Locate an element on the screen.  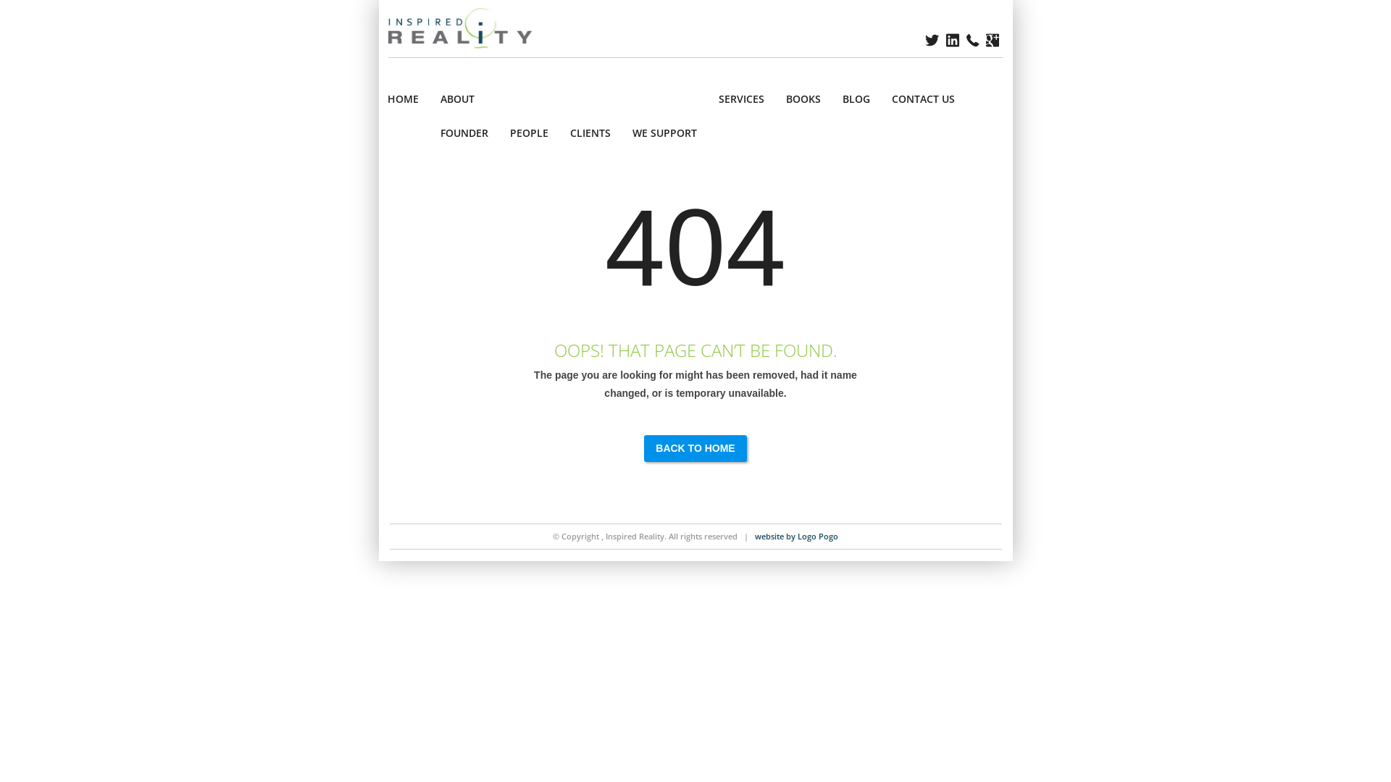
'website by Logo Pogo' is located at coordinates (795, 536).